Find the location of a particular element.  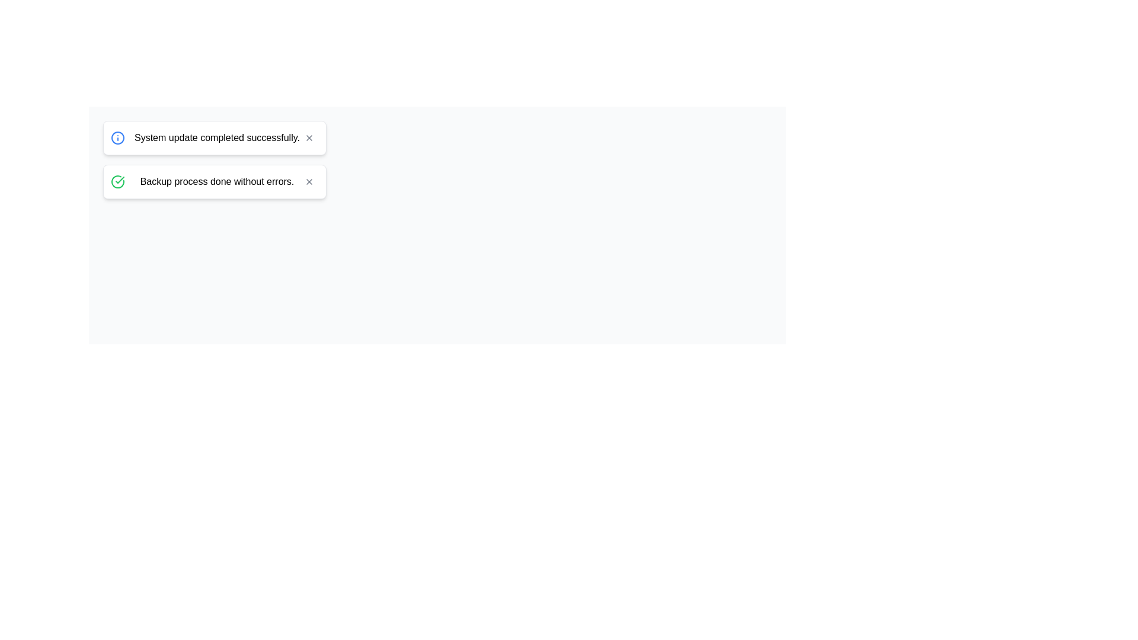

the circular blue outlined icon with an information symbol, located within the notification card stating 'System update completed successfully' is located at coordinates (117, 137).